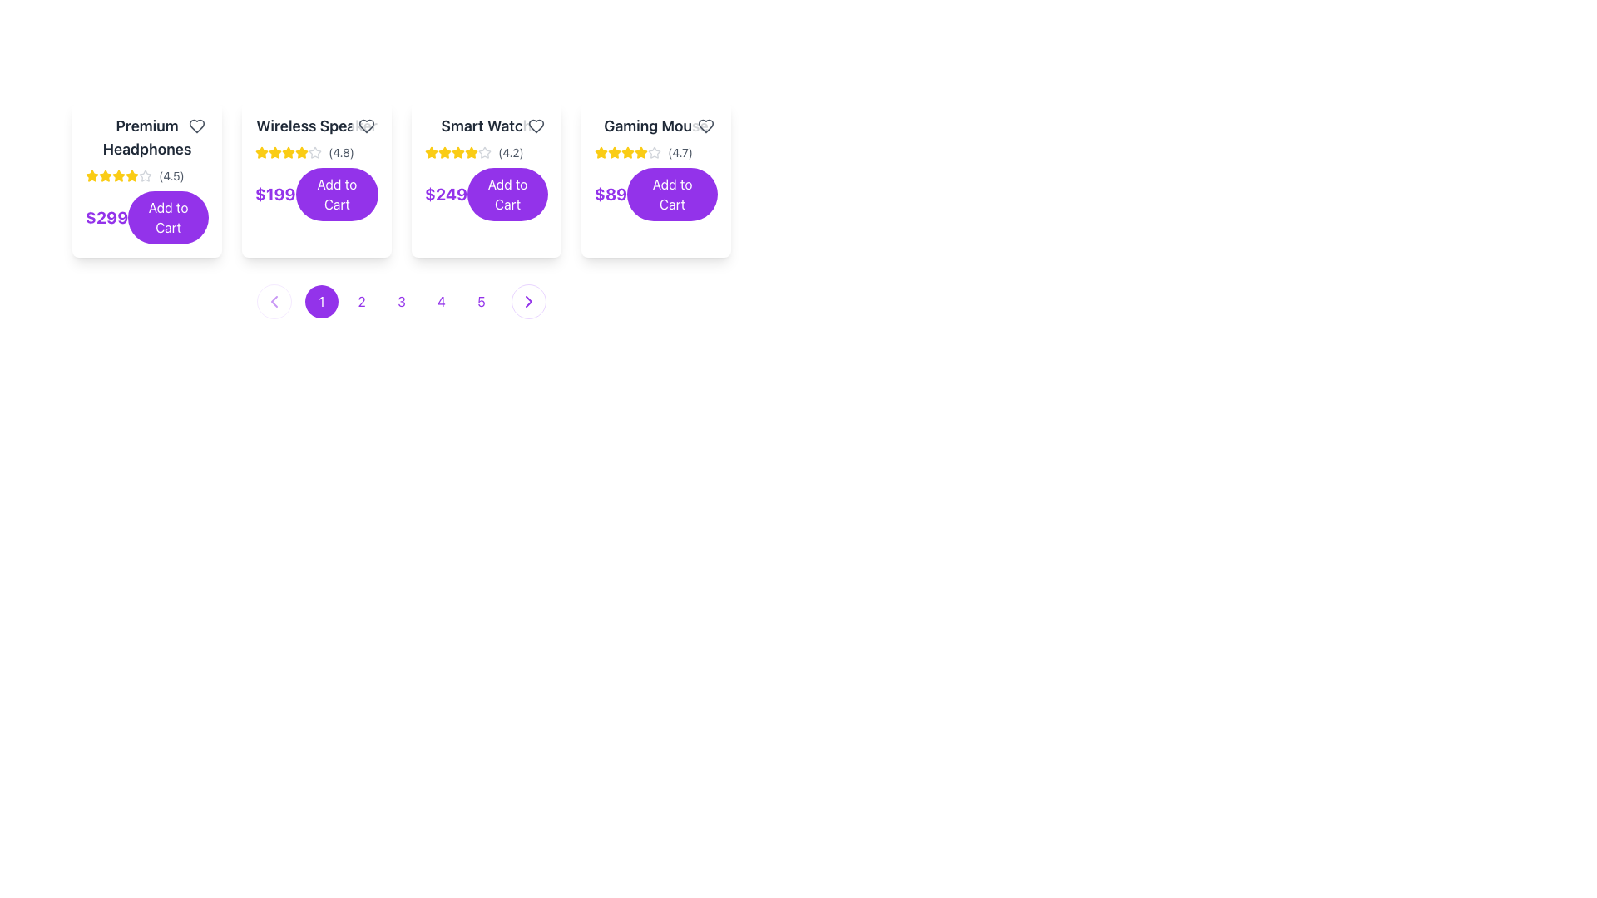 The width and height of the screenshot is (1597, 898). Describe the element at coordinates (275, 153) in the screenshot. I see `the third yellow star icon in the rating system for the 'Wireless Speaker' product, which is located on the product card with a purple 'Add to Cart' button and a price of $199` at that location.